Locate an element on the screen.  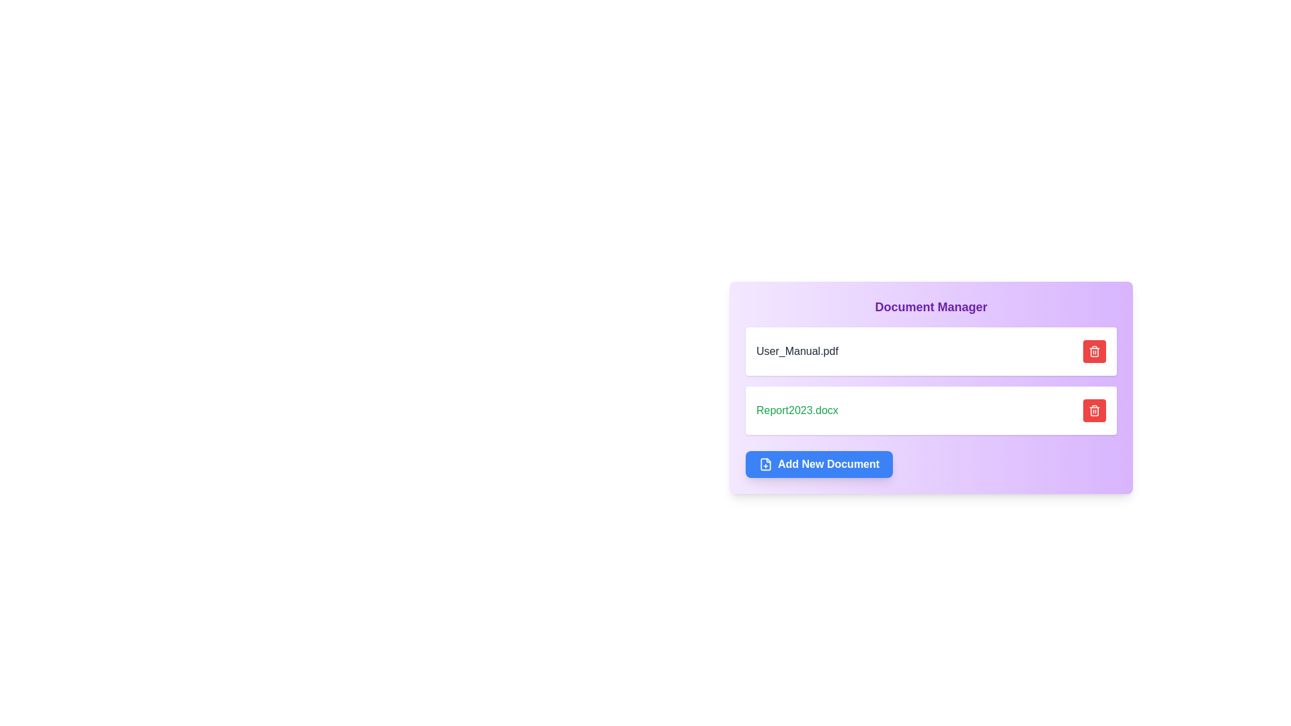
the 'Select' button, which is a rectangular button with a gray background and white text, located in the top-right segment of the first document entry row, adjacent to a red trashcan icon button is located at coordinates (1068, 351).